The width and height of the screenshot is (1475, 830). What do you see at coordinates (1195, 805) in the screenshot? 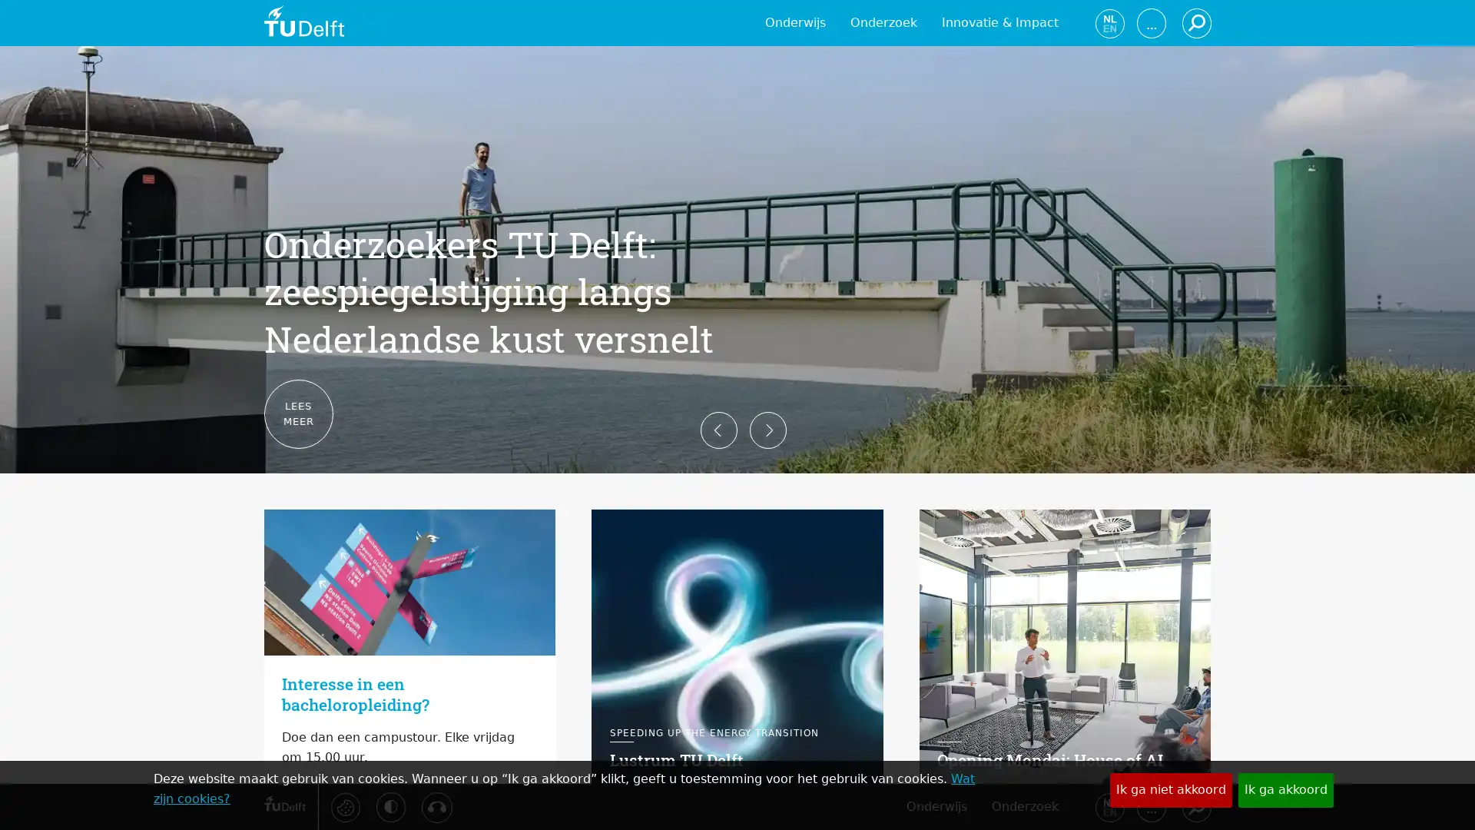
I see `Zoeken` at bounding box center [1195, 805].